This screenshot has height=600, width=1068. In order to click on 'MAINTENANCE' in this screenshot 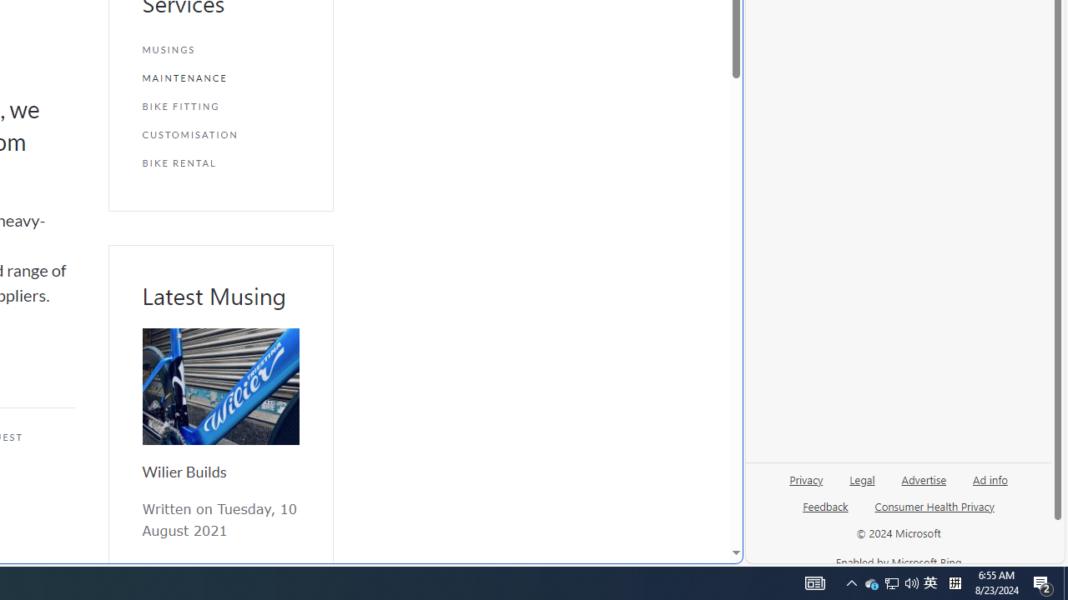, I will do `click(219, 77)`.